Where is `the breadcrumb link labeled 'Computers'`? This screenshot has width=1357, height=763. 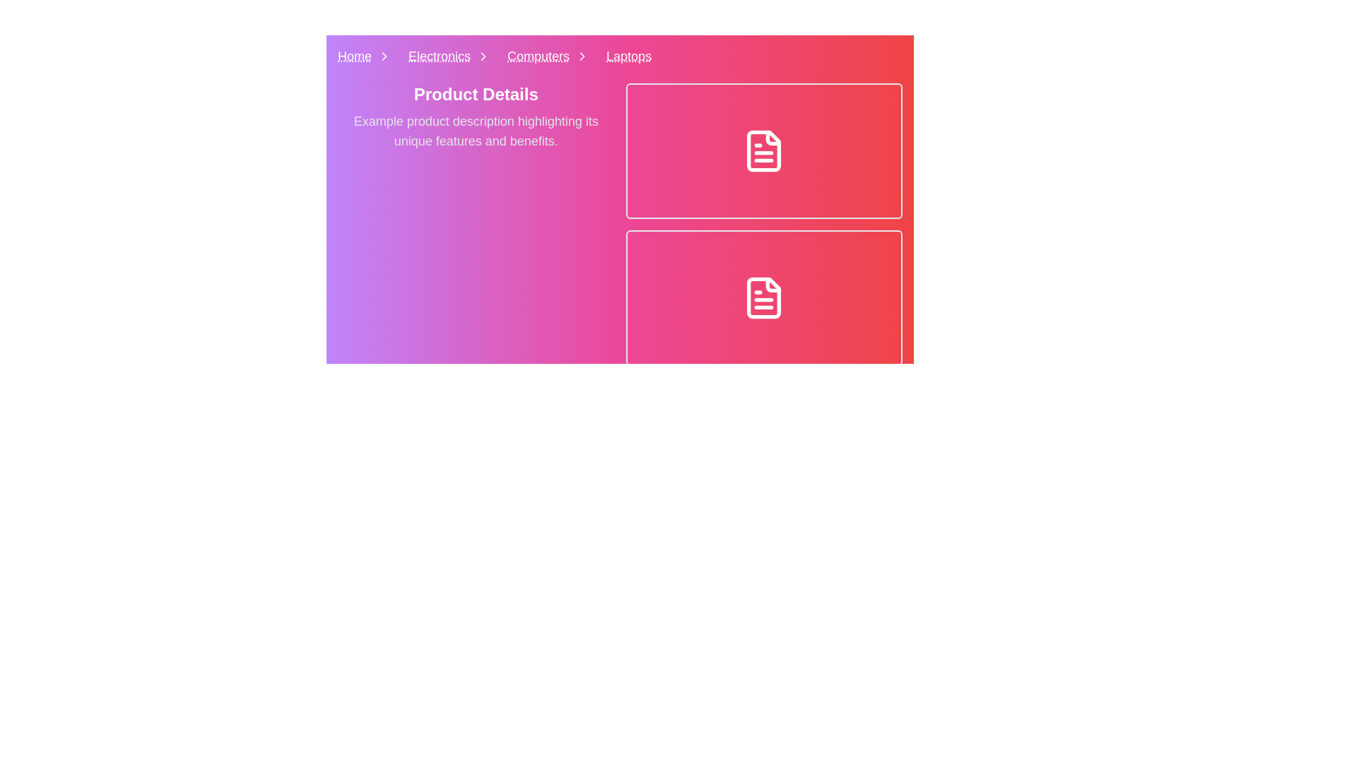
the breadcrumb link labeled 'Computers' is located at coordinates (551, 56).